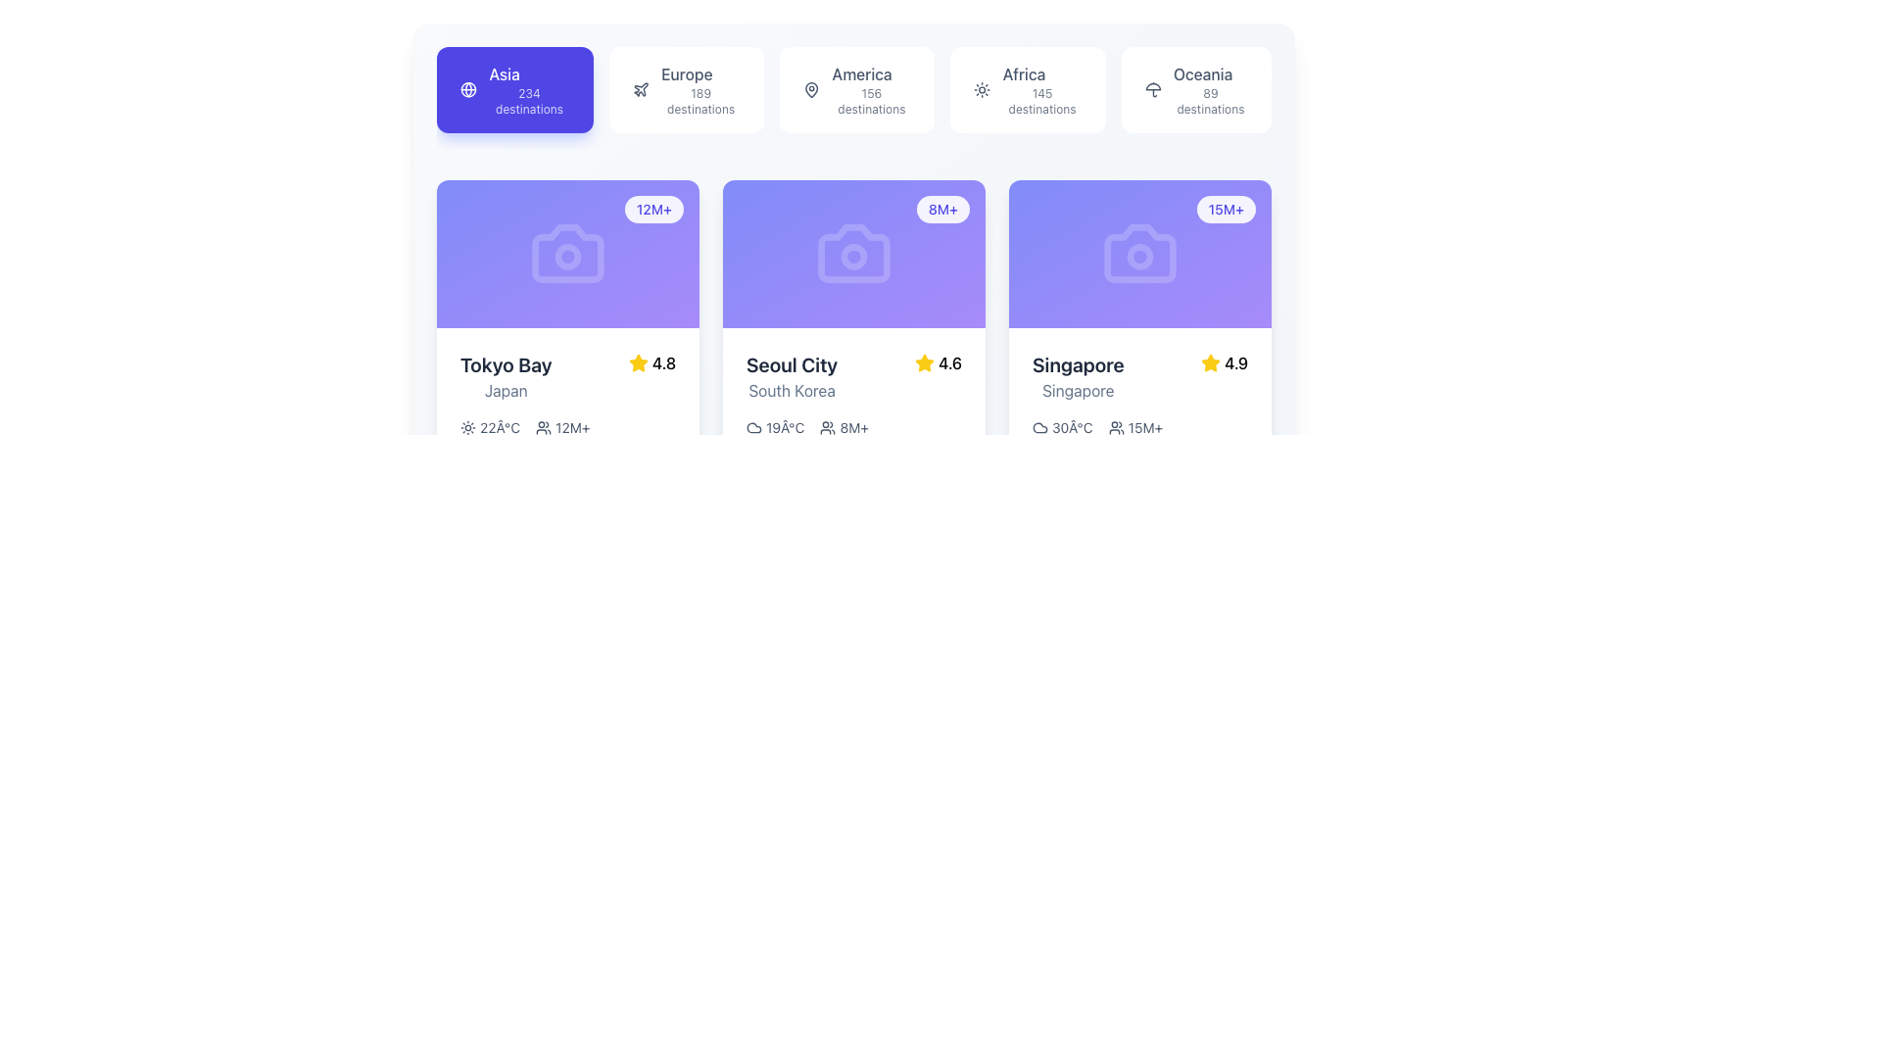 This screenshot has height=1058, width=1881. Describe the element at coordinates (1077, 364) in the screenshot. I see `the text label 'Singapore' which is styled in a larger bold font and displayed prominently in dark slate color within the rightmost card of a horizontally-aligned card layout` at that location.